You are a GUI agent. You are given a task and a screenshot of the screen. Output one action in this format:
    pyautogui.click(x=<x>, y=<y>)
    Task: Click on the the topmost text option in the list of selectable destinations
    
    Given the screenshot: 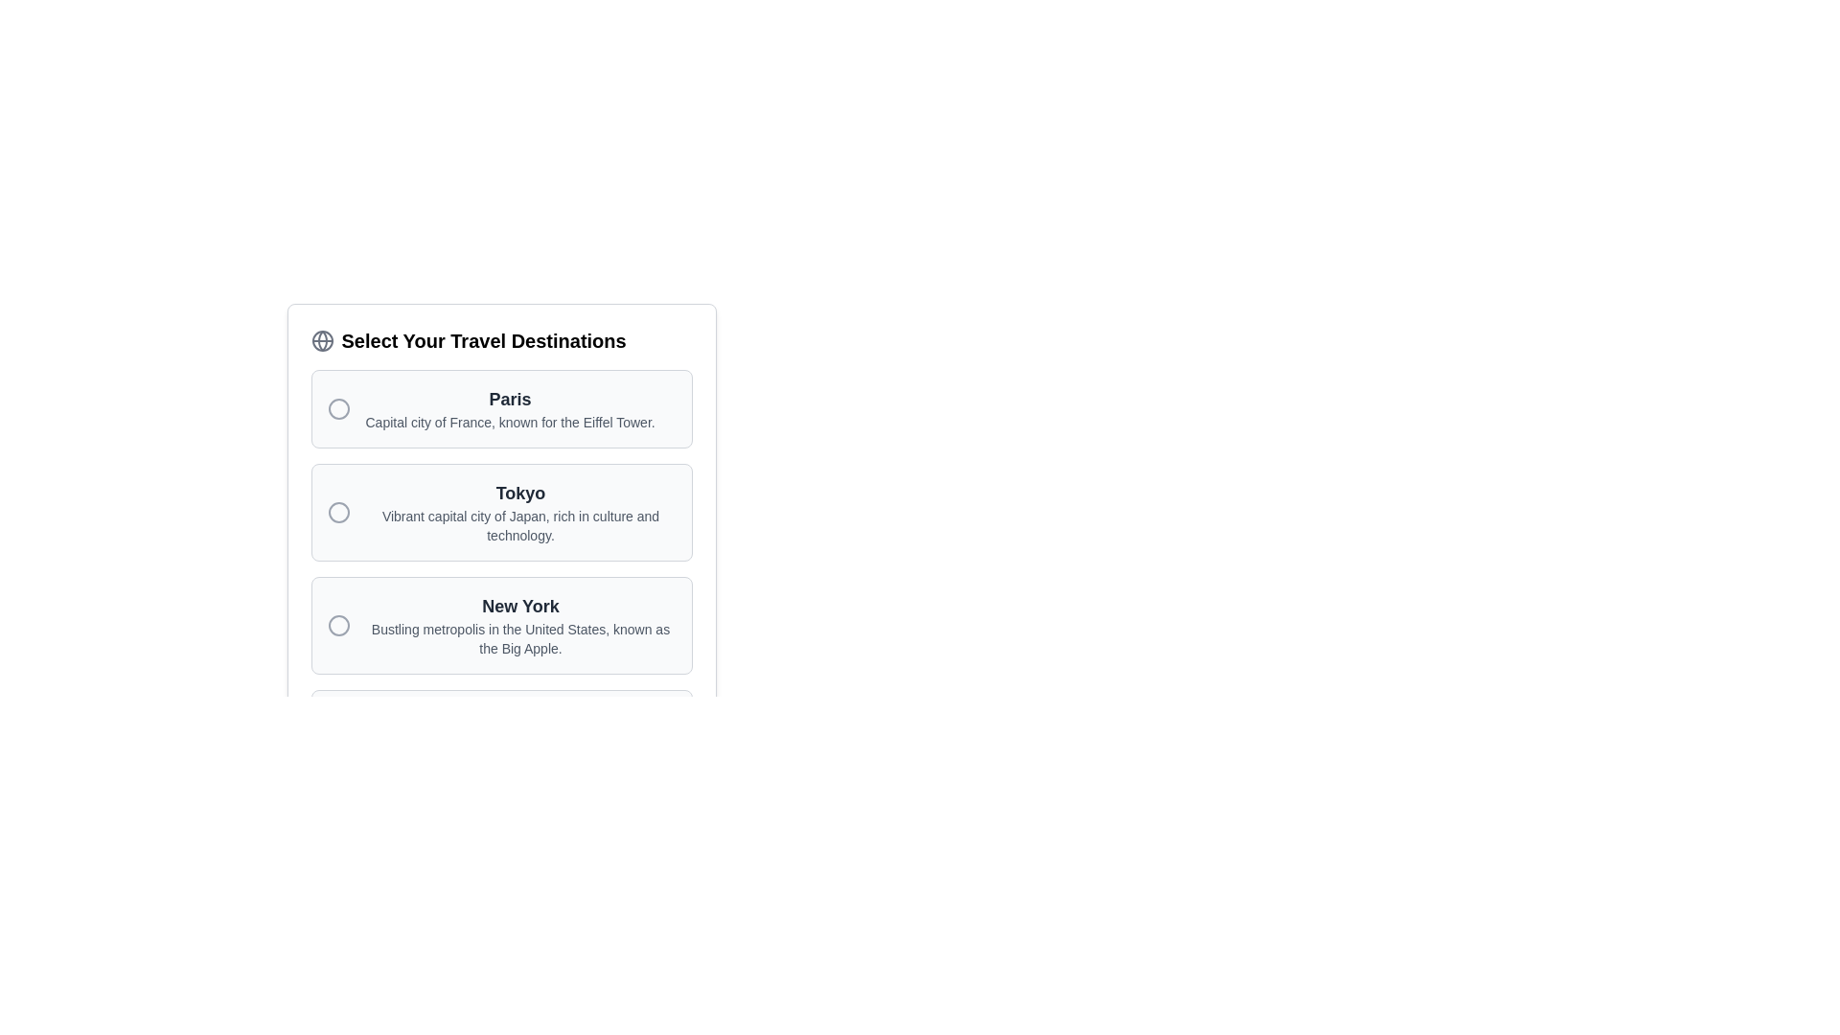 What is the action you would take?
    pyautogui.click(x=491, y=408)
    